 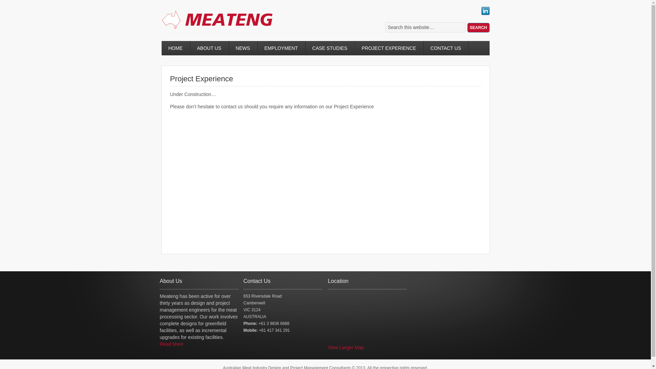 What do you see at coordinates (223, 26) in the screenshot?
I see `'MEATENG'` at bounding box center [223, 26].